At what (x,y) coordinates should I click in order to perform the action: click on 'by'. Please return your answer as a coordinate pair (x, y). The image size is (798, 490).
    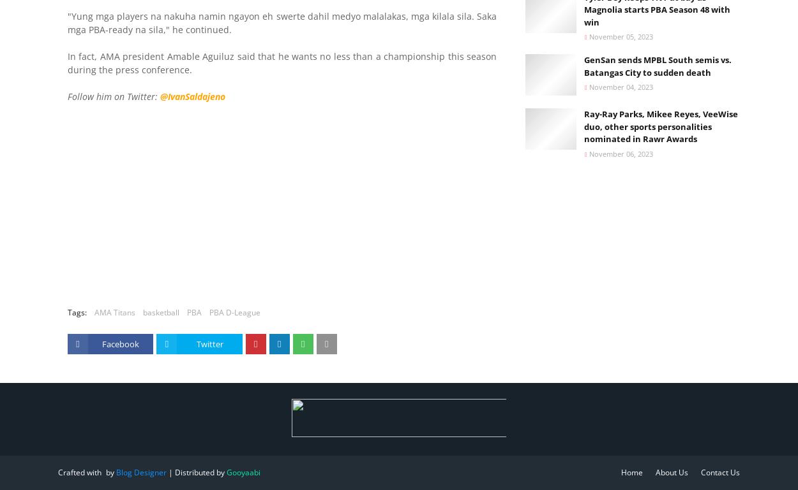
    Looking at the image, I should click on (111, 472).